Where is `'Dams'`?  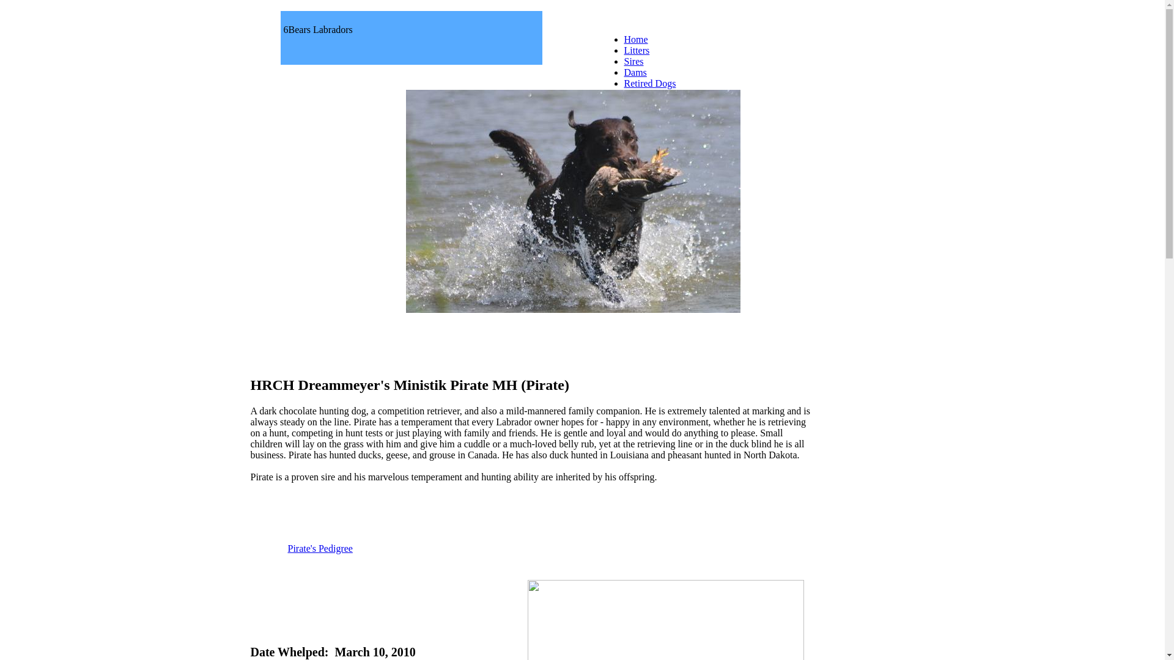
'Dams' is located at coordinates (635, 72).